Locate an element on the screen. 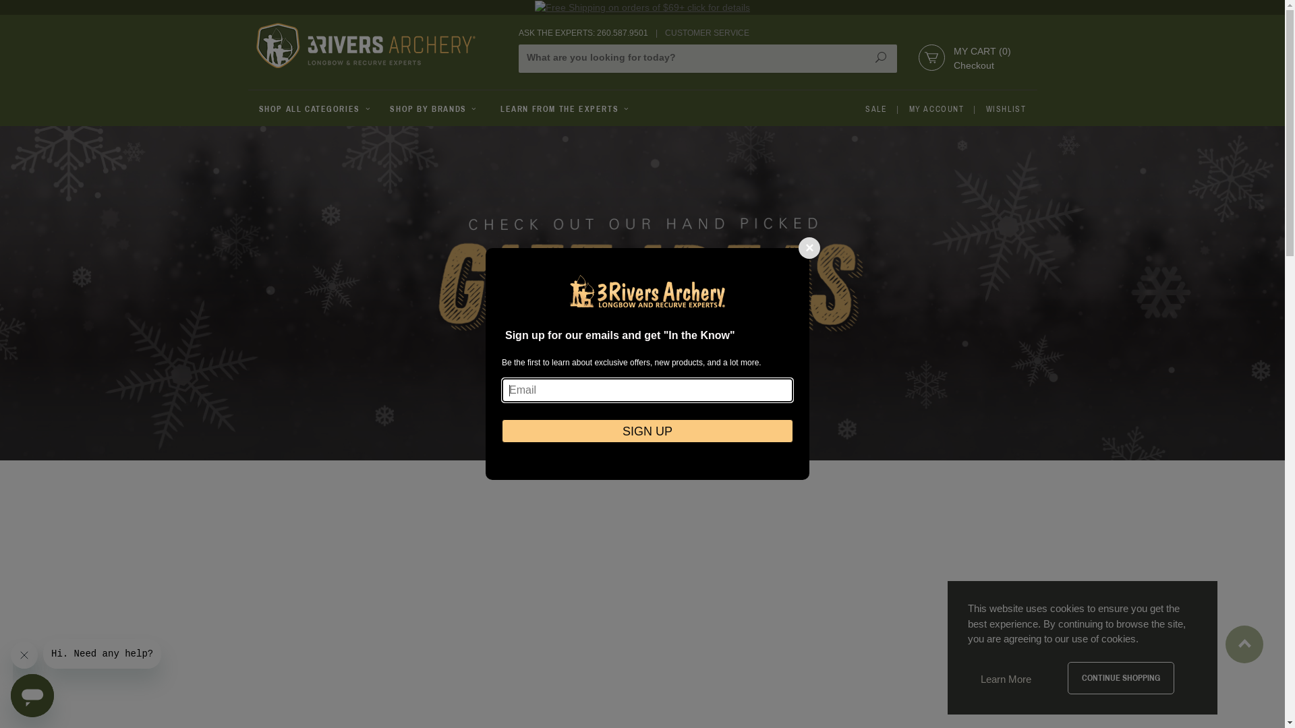 This screenshot has width=1295, height=728. 'Shopping Cart' is located at coordinates (931, 57).